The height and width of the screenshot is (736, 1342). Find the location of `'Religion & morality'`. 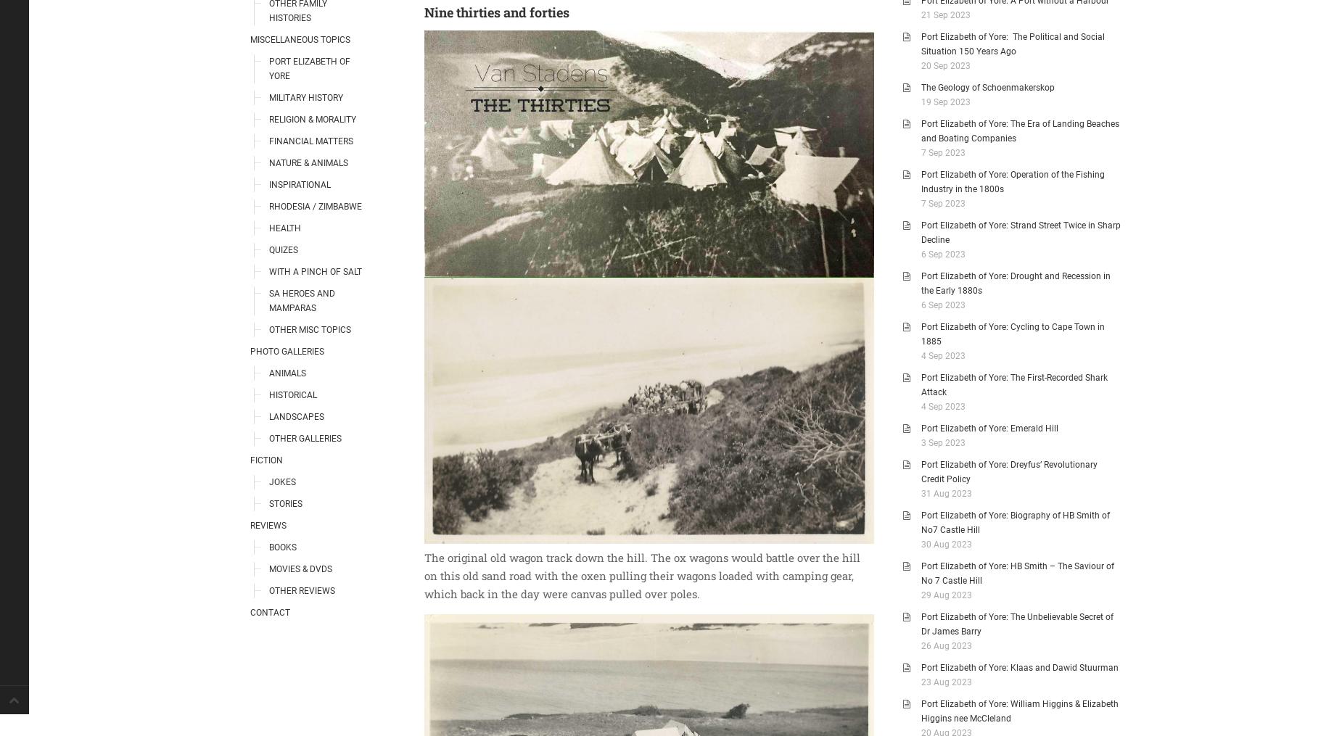

'Religion & morality' is located at coordinates (312, 118).